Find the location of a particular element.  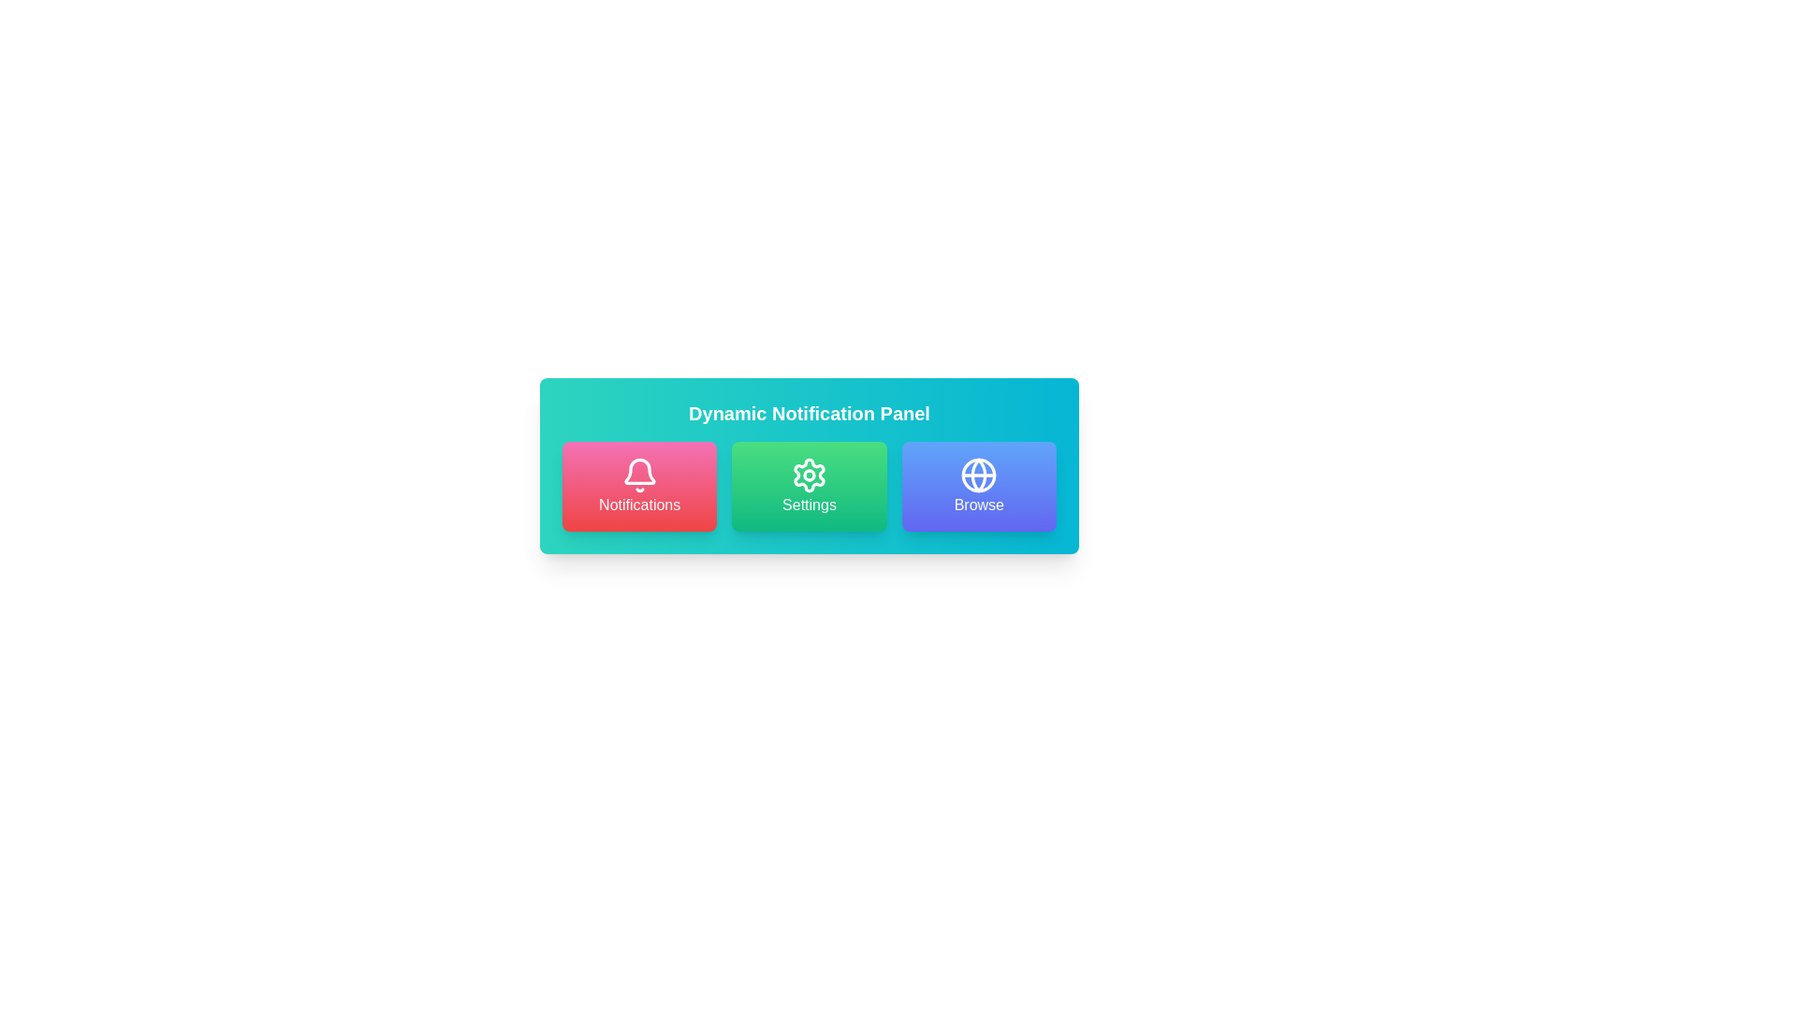

the icon located at the center of the blue rectangle labeled 'Browse', which is the rightmost button in a row of three buttons is located at coordinates (978, 475).